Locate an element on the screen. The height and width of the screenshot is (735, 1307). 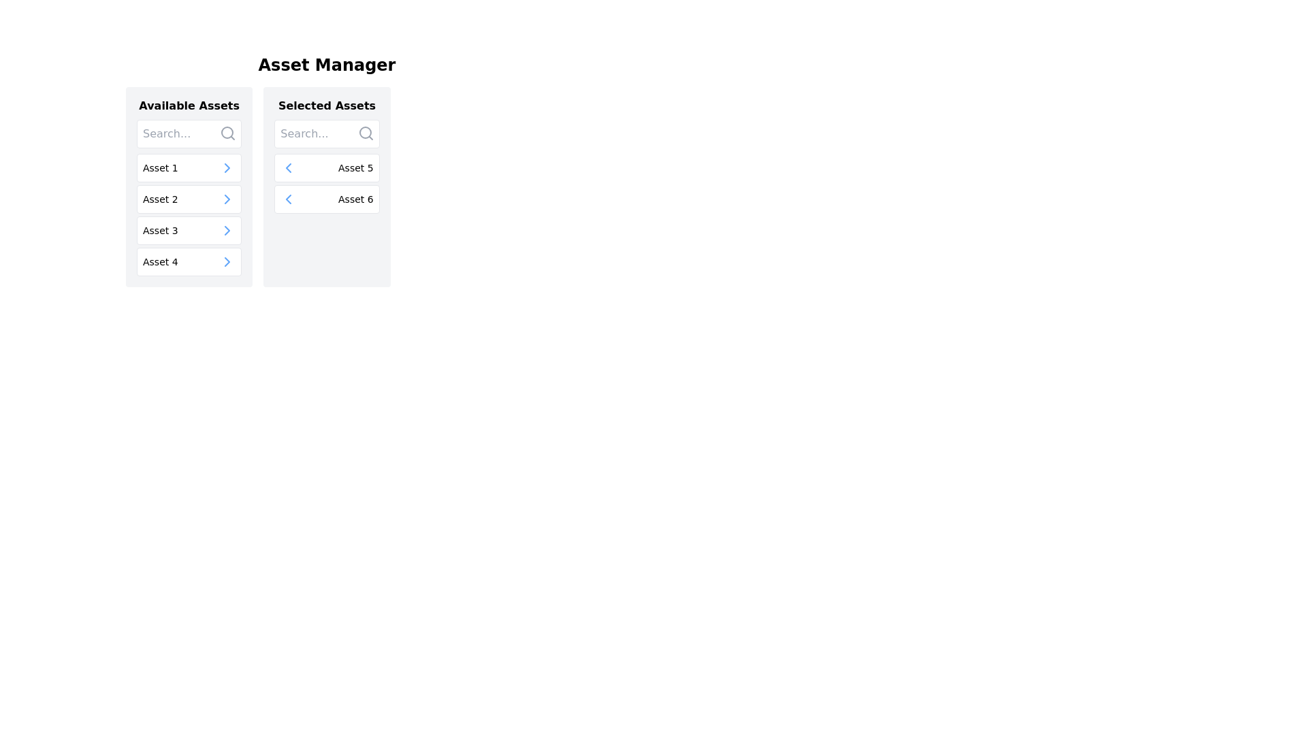
the selectable list item for 'Asset 4' located in the 'Available Assets' column, which is the fourth item in the list is located at coordinates (189, 262).